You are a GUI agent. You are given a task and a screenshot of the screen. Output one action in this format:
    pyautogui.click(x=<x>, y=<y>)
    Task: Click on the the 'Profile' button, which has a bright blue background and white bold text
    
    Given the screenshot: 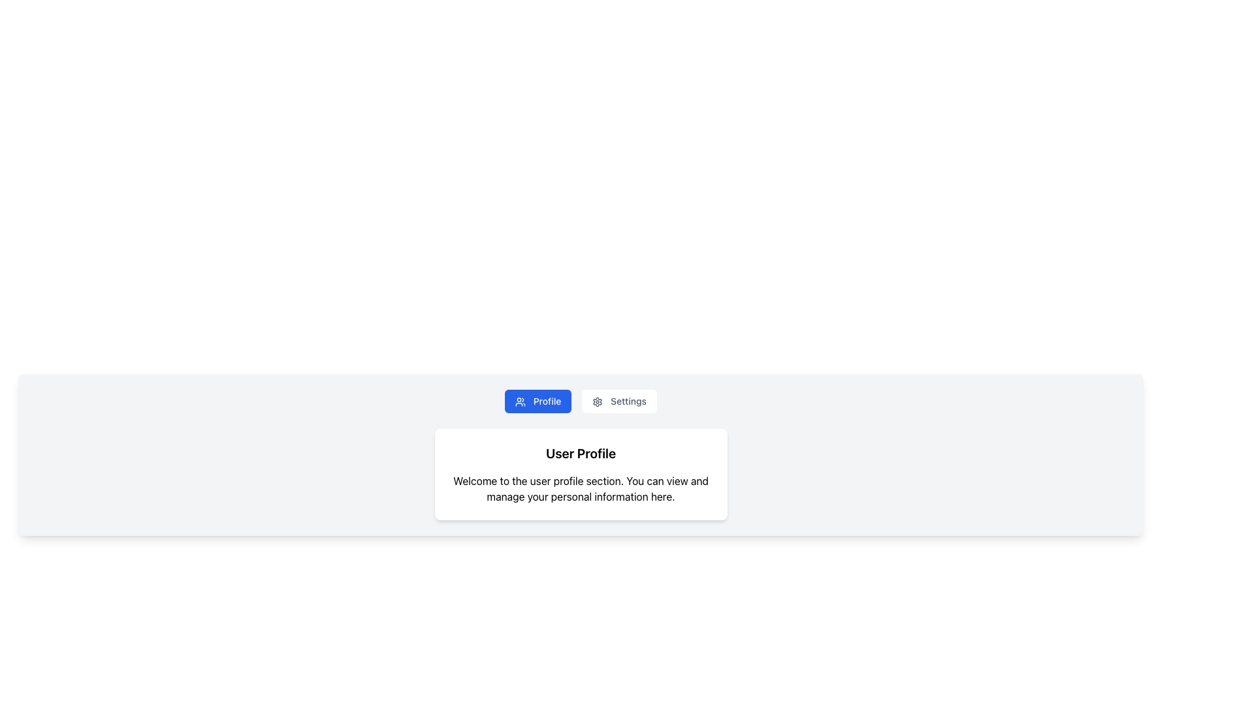 What is the action you would take?
    pyautogui.click(x=538, y=400)
    